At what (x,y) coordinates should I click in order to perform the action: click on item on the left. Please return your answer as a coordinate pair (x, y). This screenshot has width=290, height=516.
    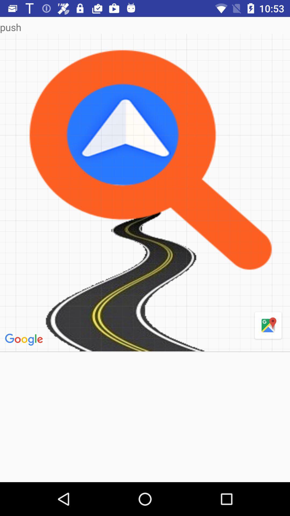
    Looking at the image, I should click on (25, 339).